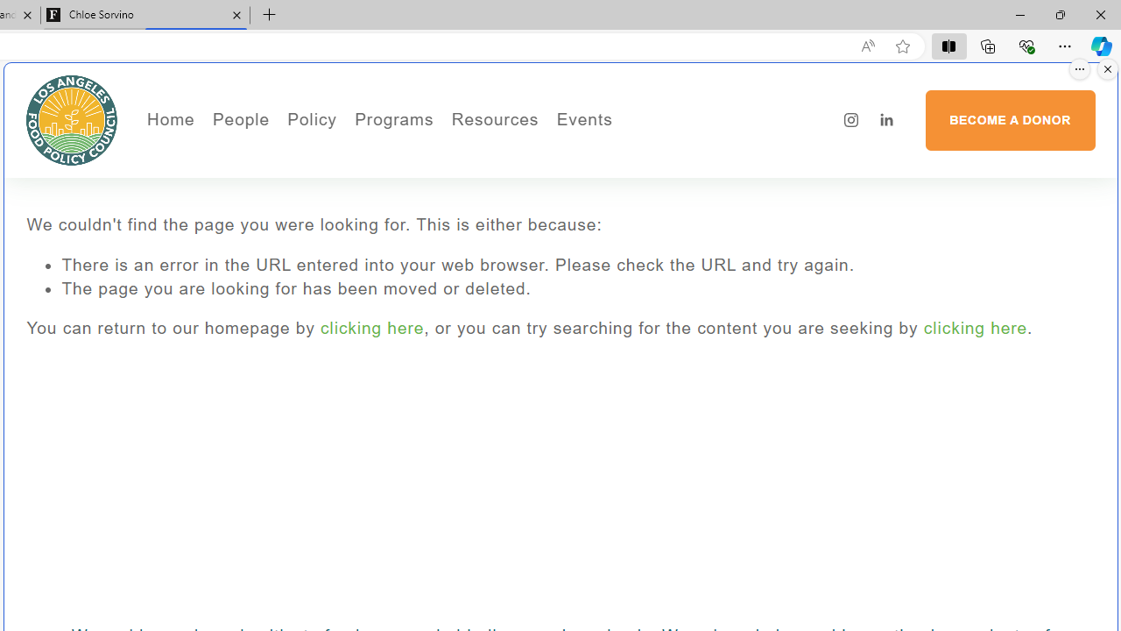  Describe the element at coordinates (70, 118) in the screenshot. I see `'Los Angeles Food Policy Council'` at that location.